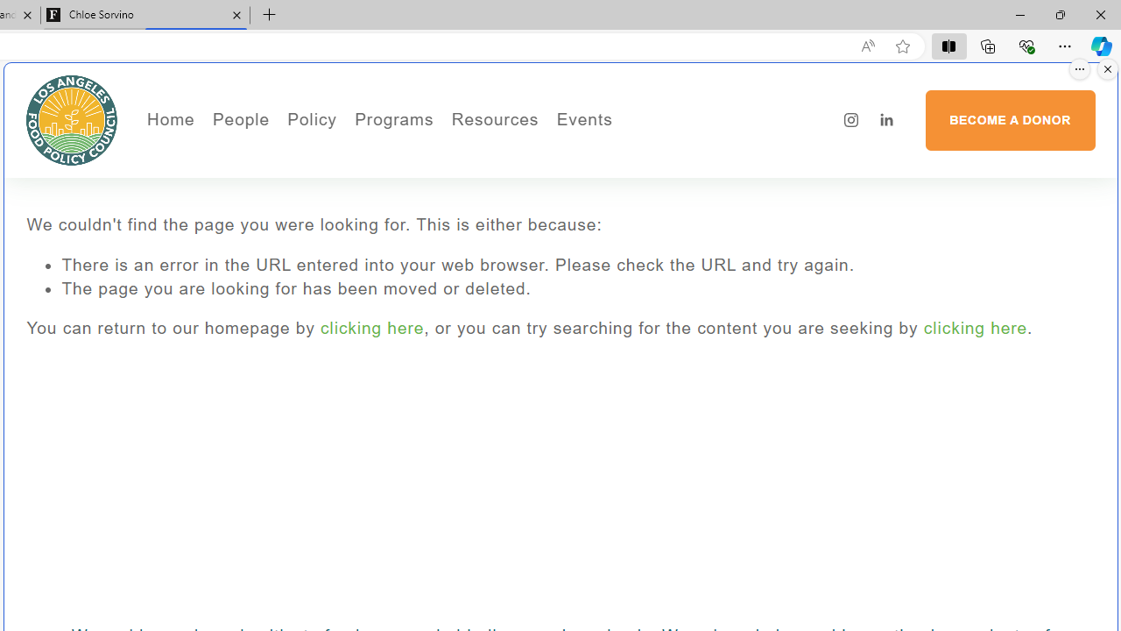  Describe the element at coordinates (70, 118) in the screenshot. I see `'Los Angeles Food Policy Council'` at that location.